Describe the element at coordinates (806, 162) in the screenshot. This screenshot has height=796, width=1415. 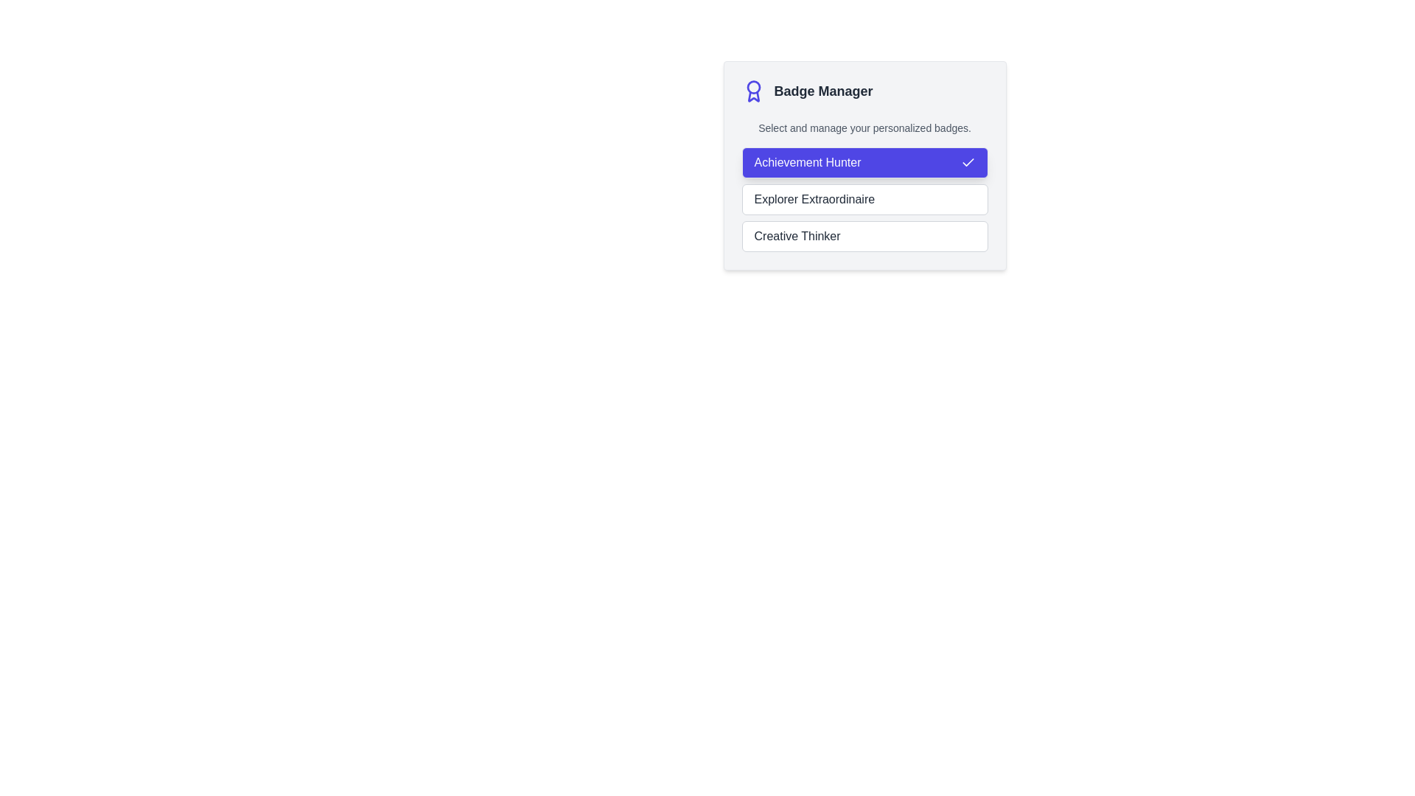
I see `the text label displaying 'Achievement Hunter' in white font against a purple background, located in the upper section of a rectangular purple button` at that location.